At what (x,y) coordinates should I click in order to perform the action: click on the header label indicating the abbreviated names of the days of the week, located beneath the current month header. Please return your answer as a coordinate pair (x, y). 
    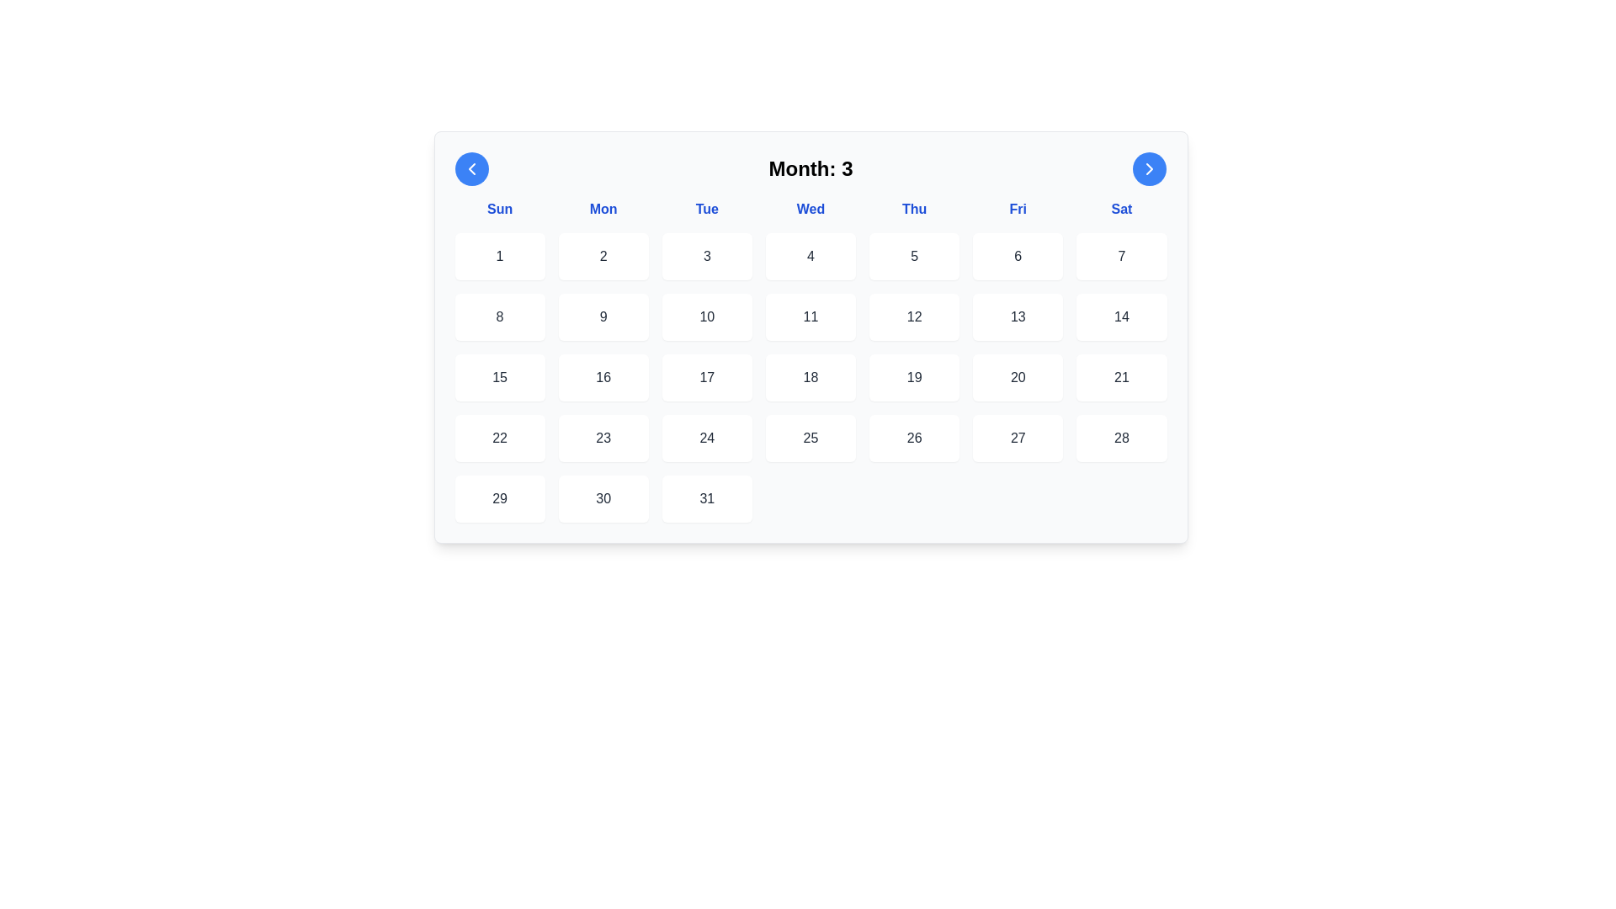
    Looking at the image, I should click on (811, 209).